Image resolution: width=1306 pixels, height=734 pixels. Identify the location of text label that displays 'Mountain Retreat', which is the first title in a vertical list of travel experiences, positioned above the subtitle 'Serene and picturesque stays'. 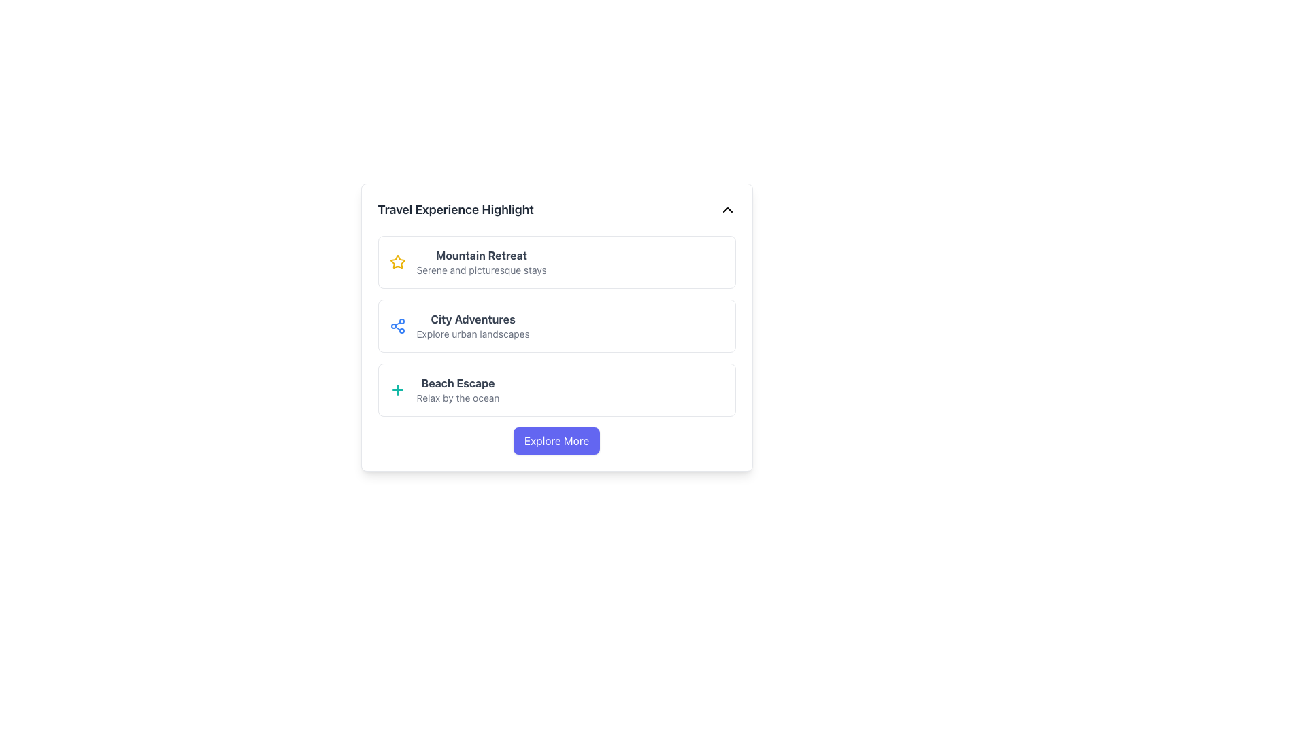
(482, 255).